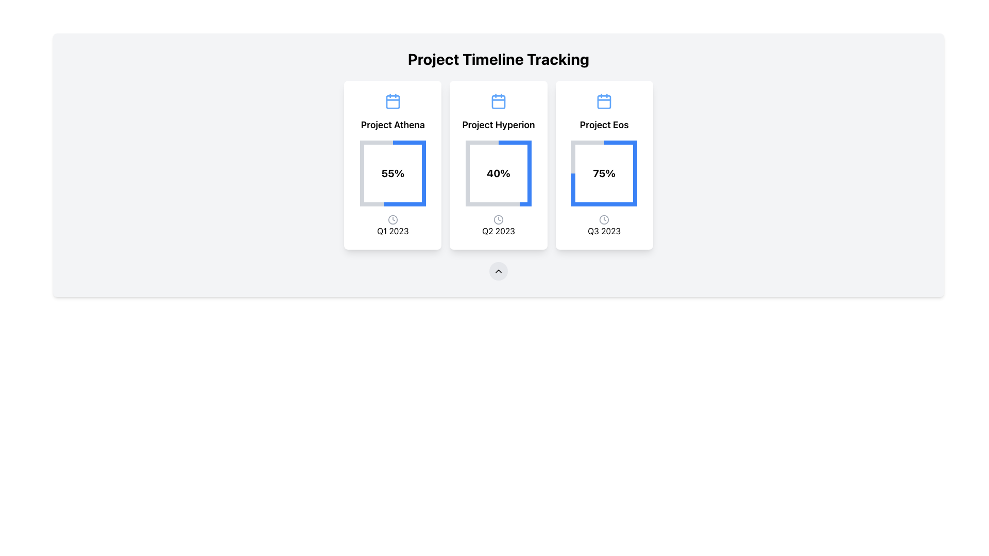 Image resolution: width=989 pixels, height=556 pixels. Describe the element at coordinates (499, 271) in the screenshot. I see `the Chevron-Up icon, which is a small upward-pointing chevron styled with a thin stroke, located at the center of a light-gray circular background` at that location.